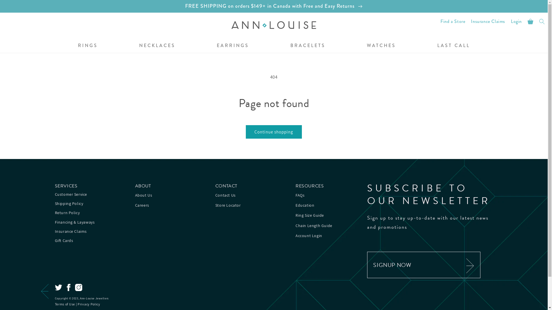  Describe the element at coordinates (89, 304) in the screenshot. I see `'Privacy Policy'` at that location.